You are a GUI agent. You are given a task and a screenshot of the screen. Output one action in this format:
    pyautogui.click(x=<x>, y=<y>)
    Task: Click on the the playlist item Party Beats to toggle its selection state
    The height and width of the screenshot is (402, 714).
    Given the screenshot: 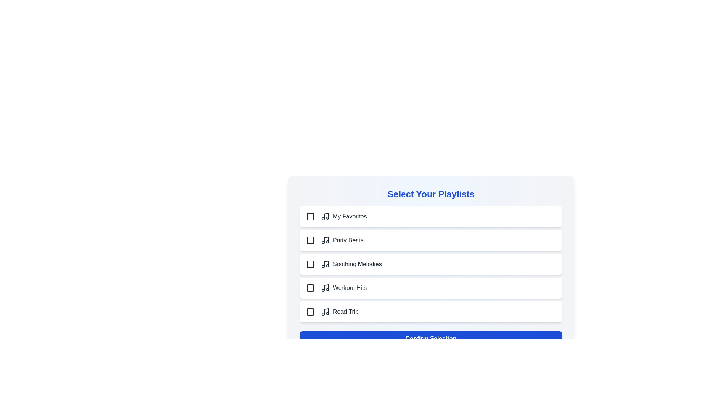 What is the action you would take?
    pyautogui.click(x=431, y=240)
    